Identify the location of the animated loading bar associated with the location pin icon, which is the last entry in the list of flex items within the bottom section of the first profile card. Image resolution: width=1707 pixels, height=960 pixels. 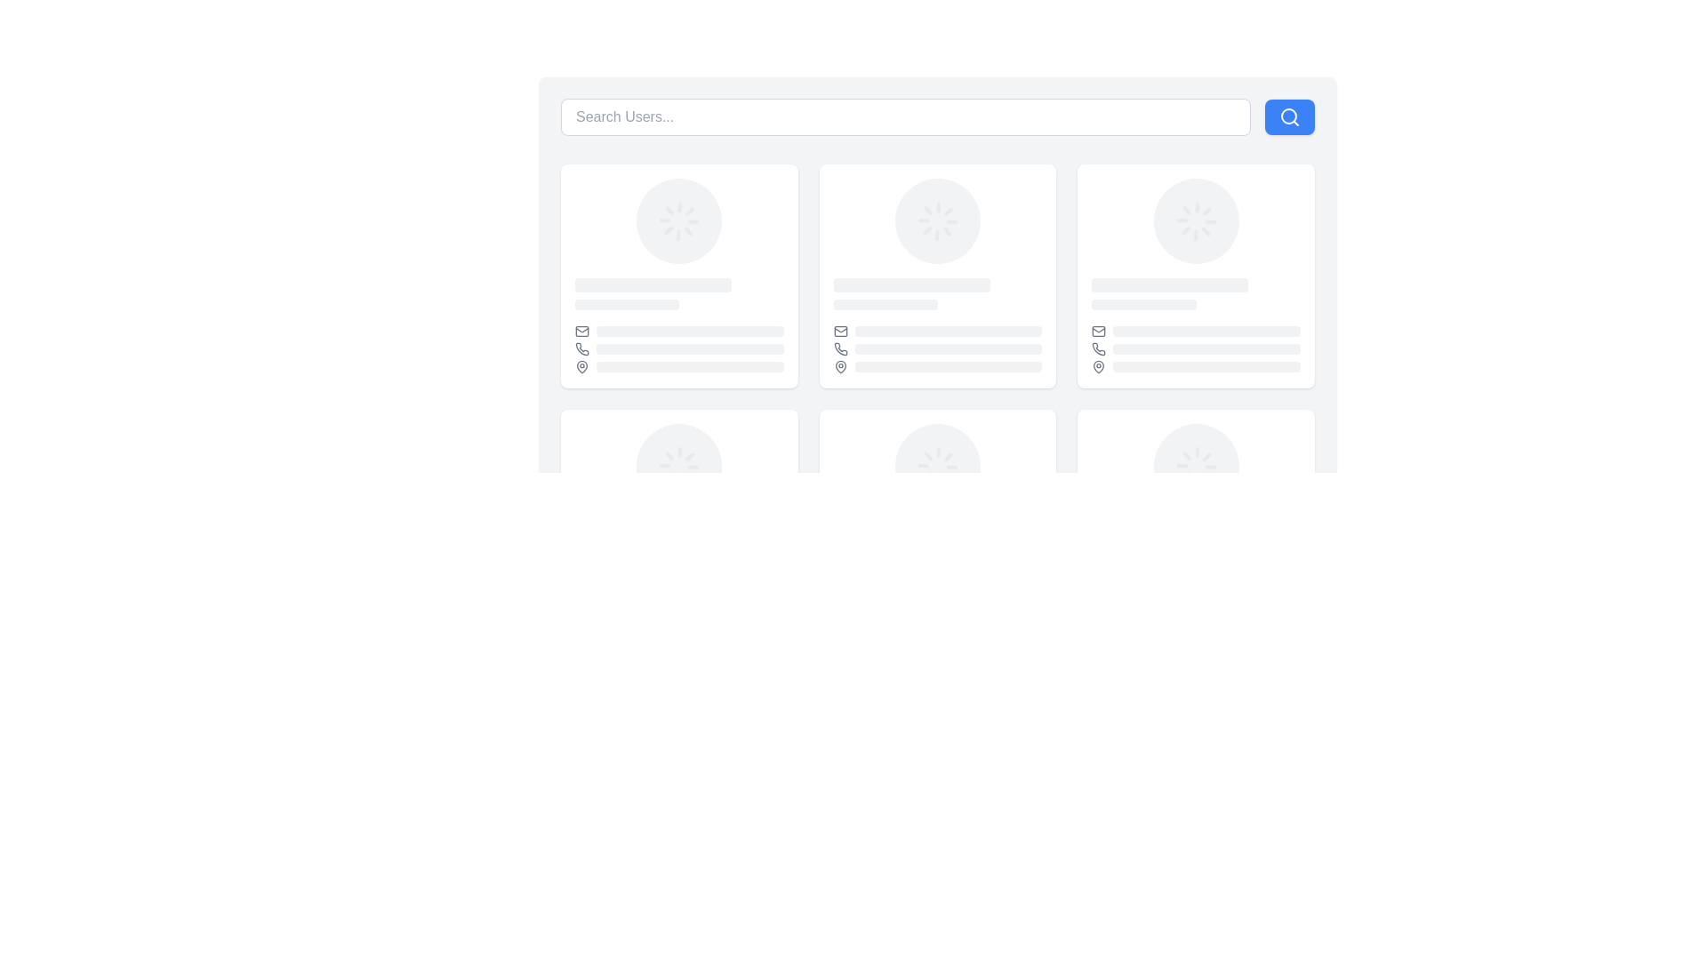
(678, 365).